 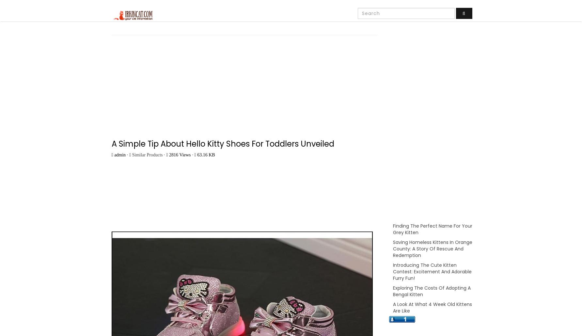 What do you see at coordinates (431, 291) in the screenshot?
I see `'Exploring The Costs Of Adopting A Bengal Kitten'` at bounding box center [431, 291].